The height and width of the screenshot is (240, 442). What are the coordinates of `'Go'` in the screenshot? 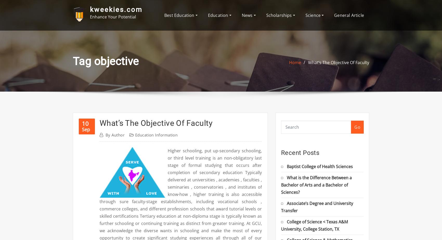 It's located at (357, 127).